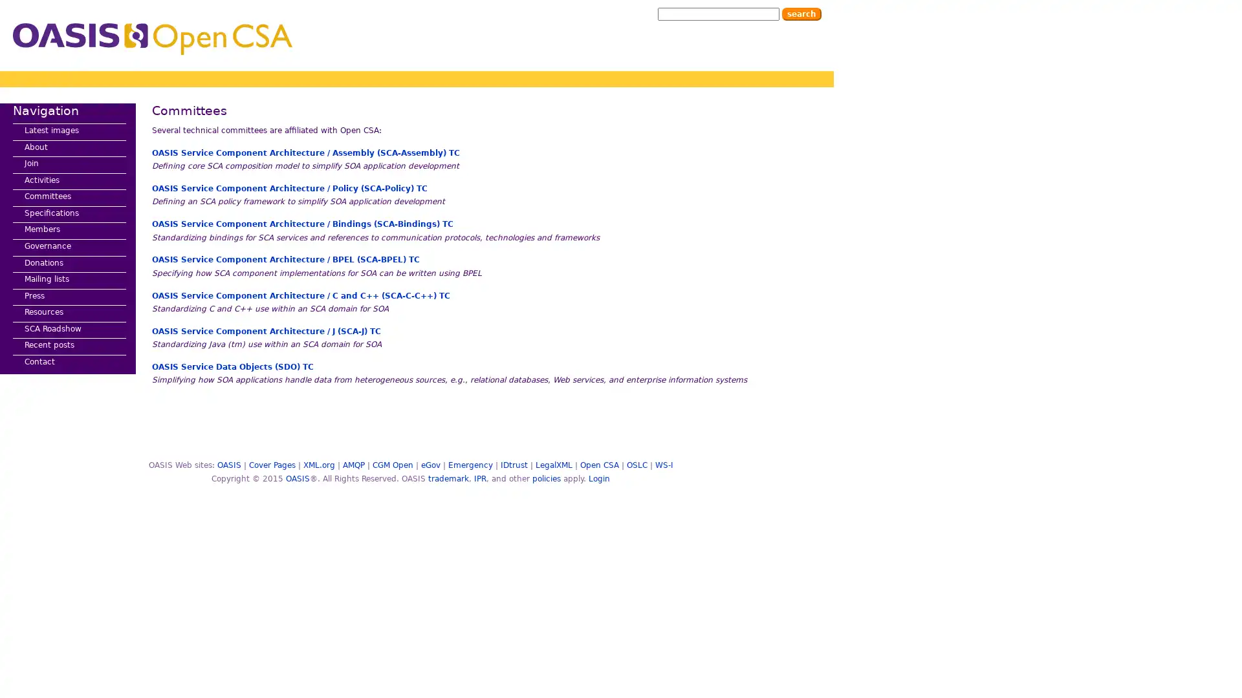 The image size is (1242, 698). I want to click on Search, so click(801, 14).